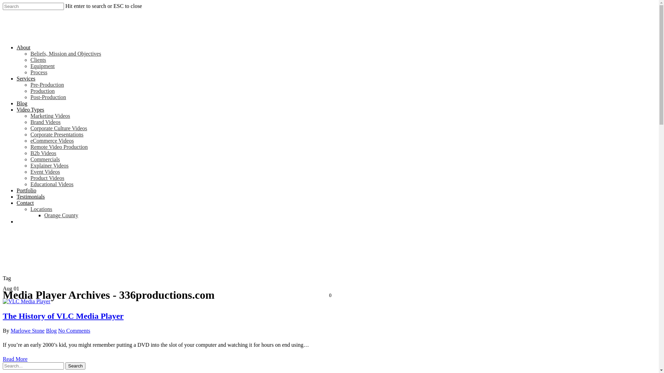  What do you see at coordinates (10, 330) in the screenshot?
I see `'Marlowe Stone'` at bounding box center [10, 330].